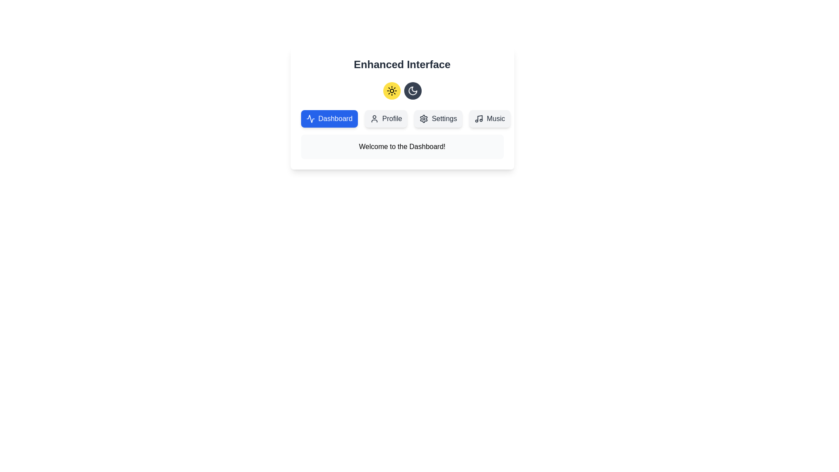  Describe the element at coordinates (412, 91) in the screenshot. I see `the circular button located at the top center of the interface, to the right of the yellow sun-shaped icon, to switch the interface theme to dark mode` at that location.